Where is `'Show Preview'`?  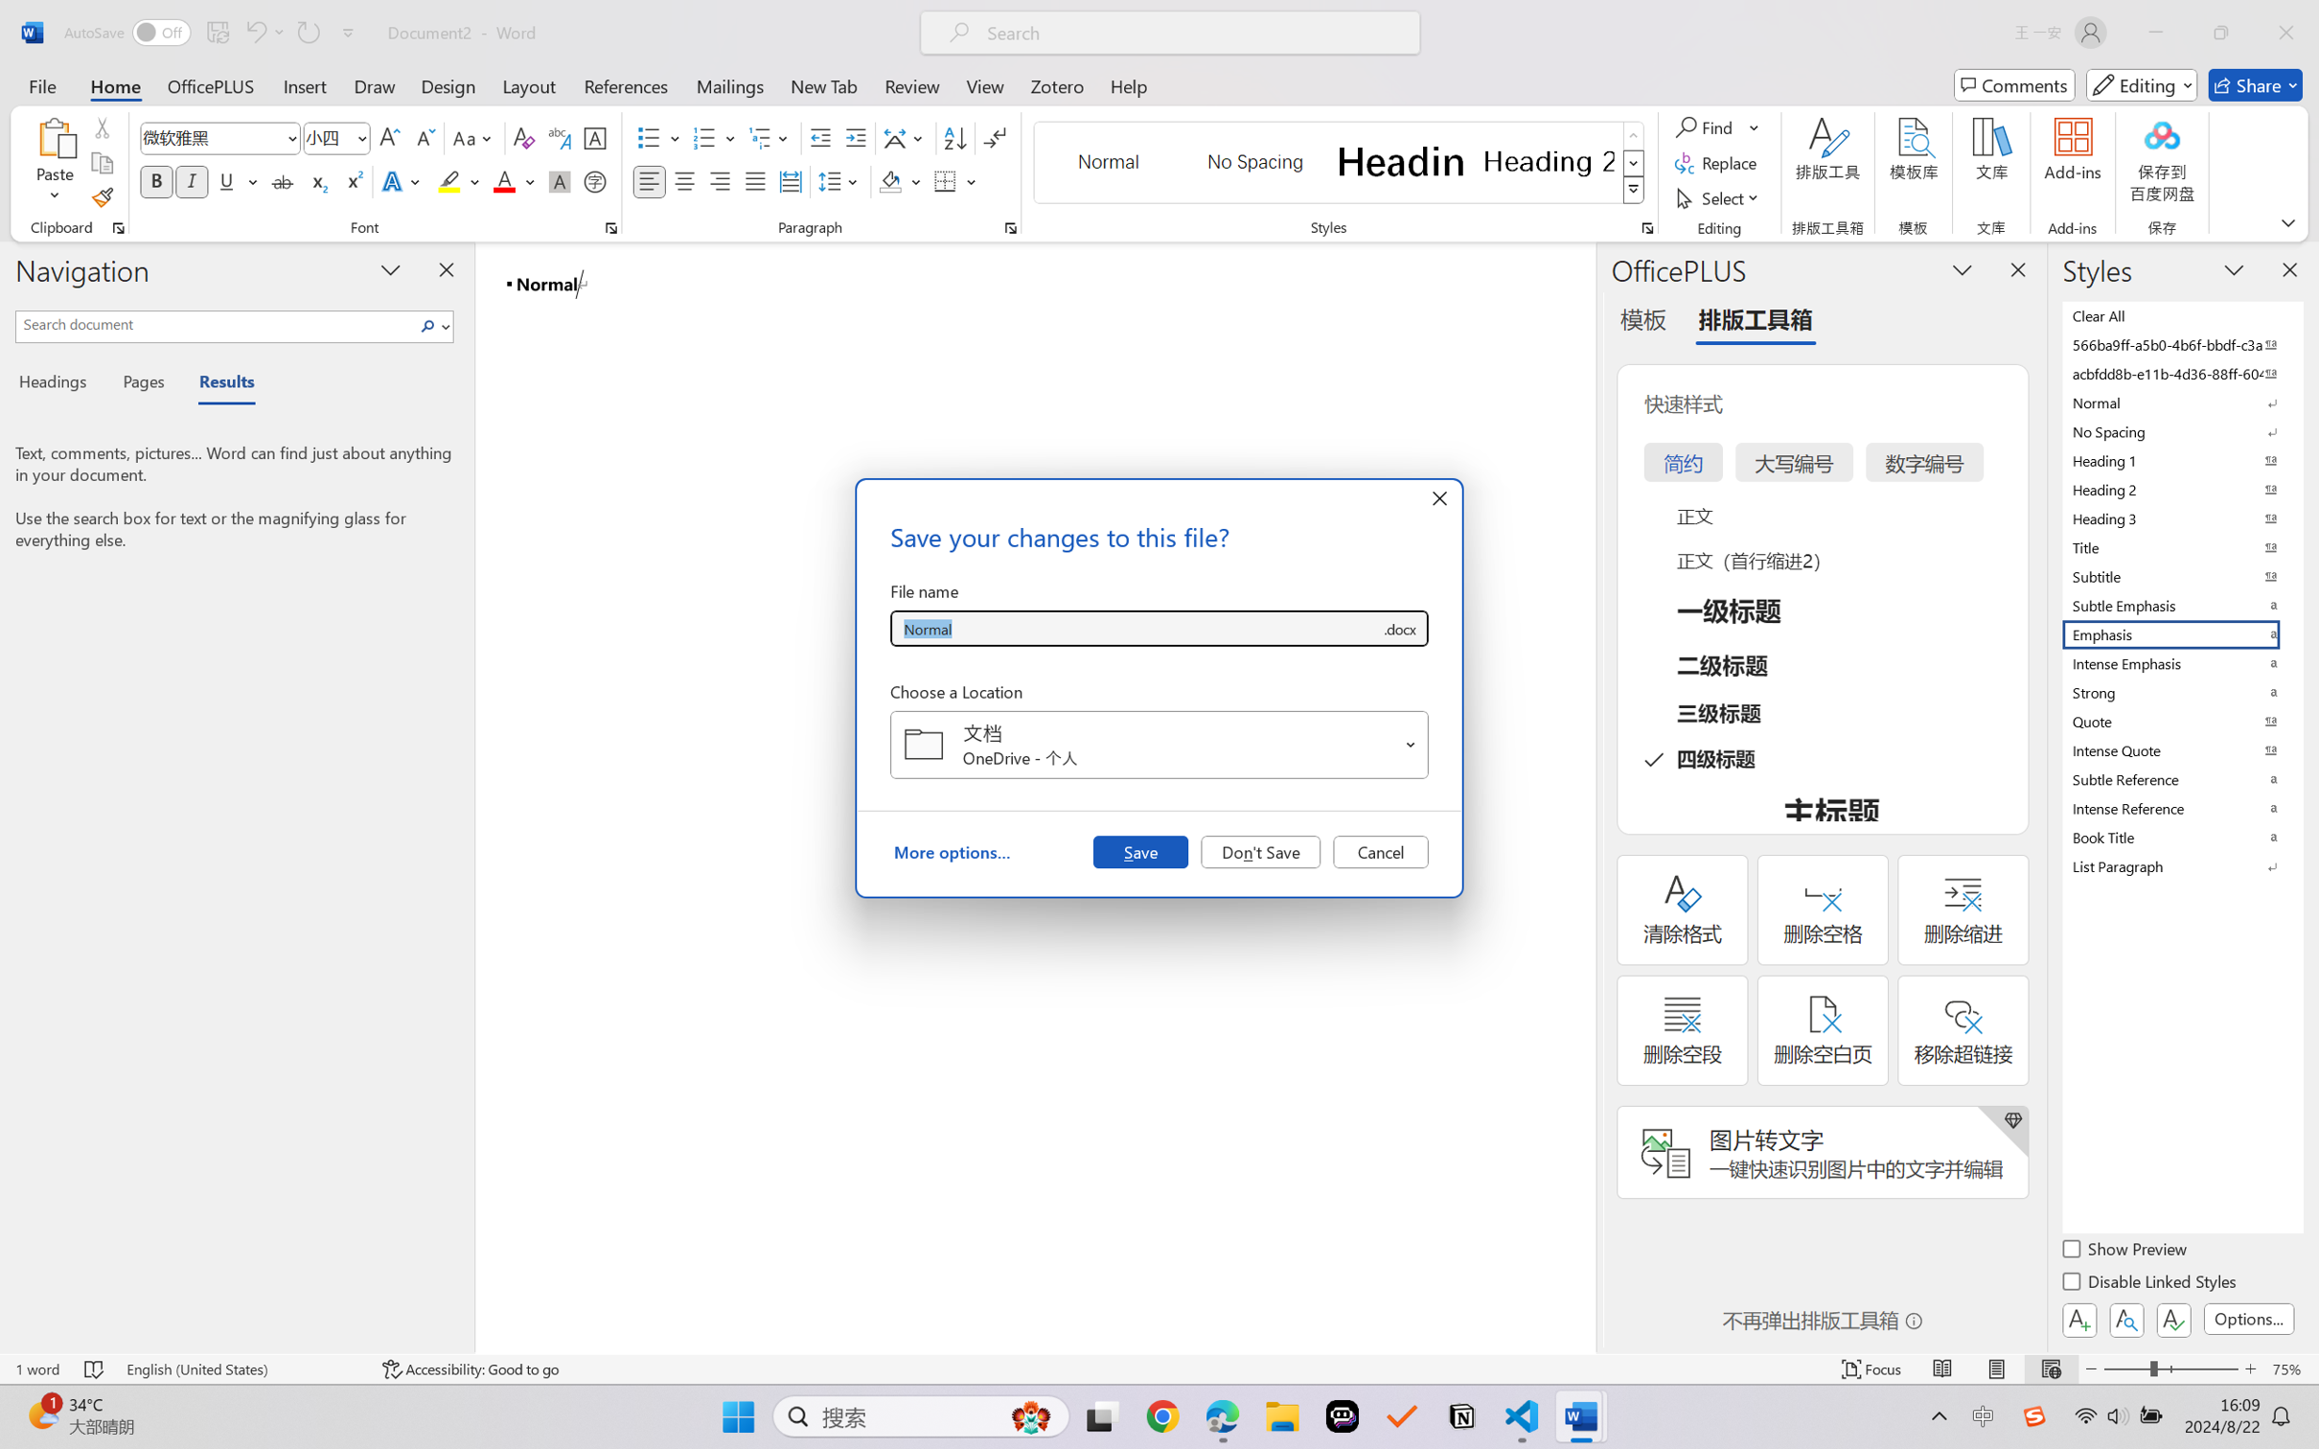 'Show Preview' is located at coordinates (2125, 1251).